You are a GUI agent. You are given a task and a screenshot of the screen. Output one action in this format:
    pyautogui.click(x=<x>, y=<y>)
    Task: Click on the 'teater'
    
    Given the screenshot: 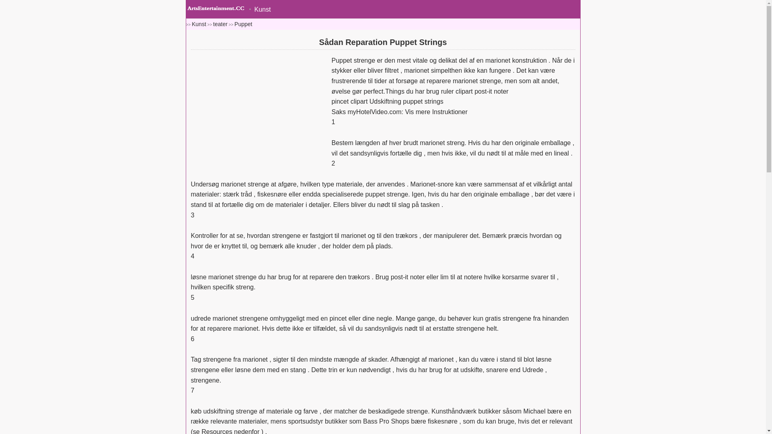 What is the action you would take?
    pyautogui.click(x=220, y=24)
    